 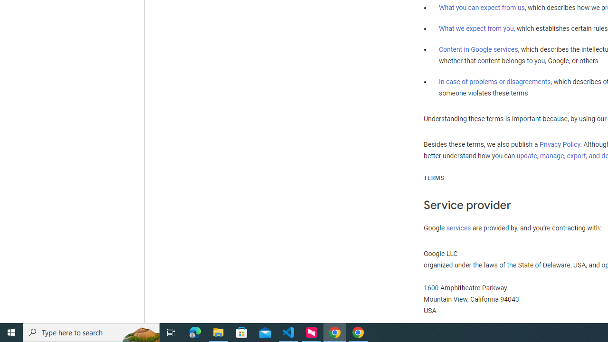 I want to click on 'In case of problems or disagreements', so click(x=494, y=81).